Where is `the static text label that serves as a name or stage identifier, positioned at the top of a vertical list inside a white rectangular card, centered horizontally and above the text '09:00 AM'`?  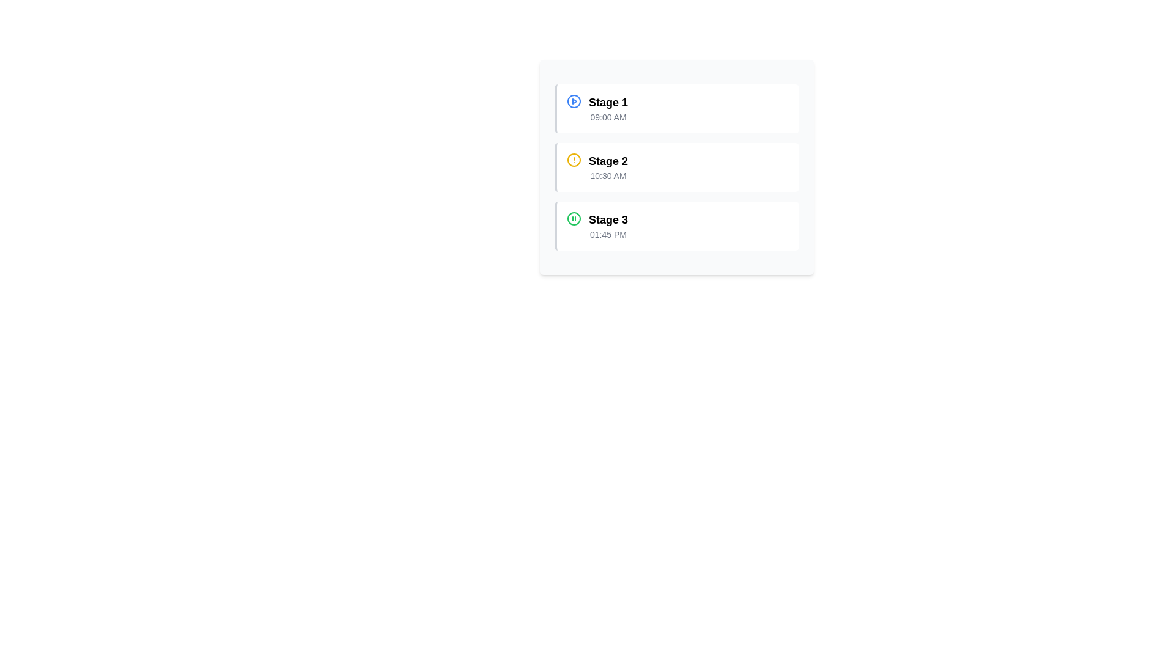 the static text label that serves as a name or stage identifier, positioned at the top of a vertical list inside a white rectangular card, centered horizontally and above the text '09:00 AM' is located at coordinates (608, 102).